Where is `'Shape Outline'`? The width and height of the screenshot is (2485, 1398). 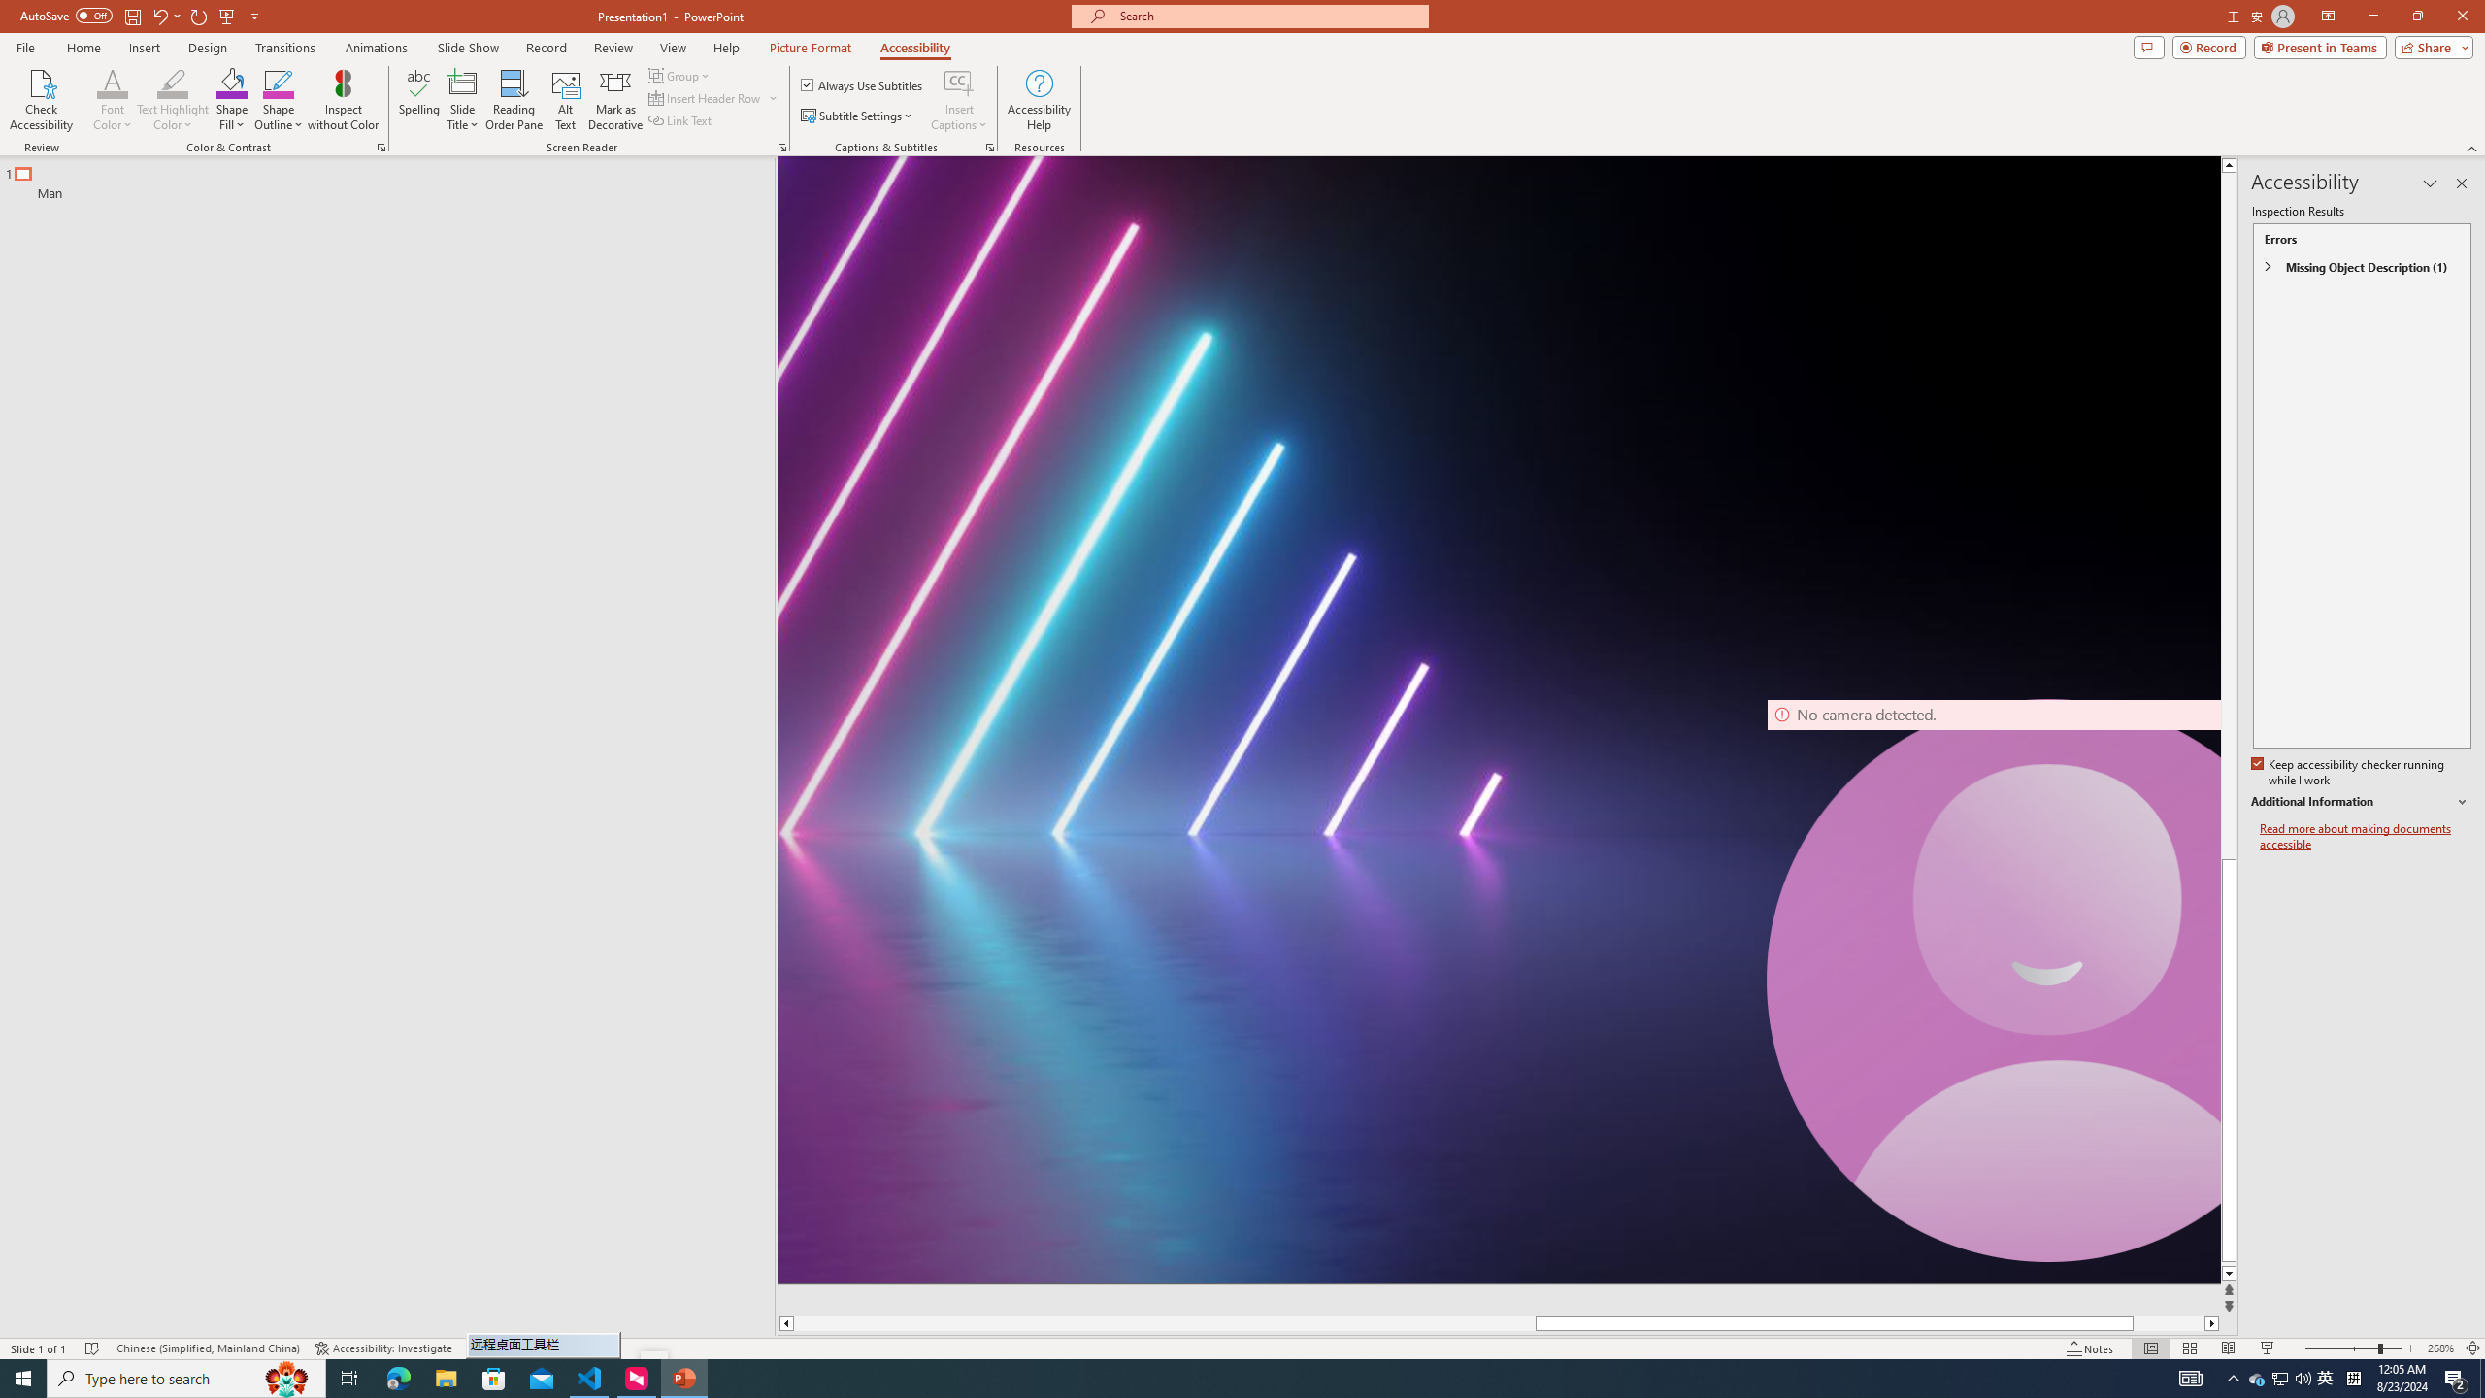 'Shape Outline' is located at coordinates (280, 100).